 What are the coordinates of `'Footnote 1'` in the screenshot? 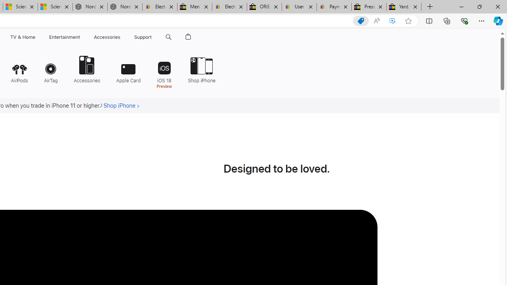 It's located at (101, 105).